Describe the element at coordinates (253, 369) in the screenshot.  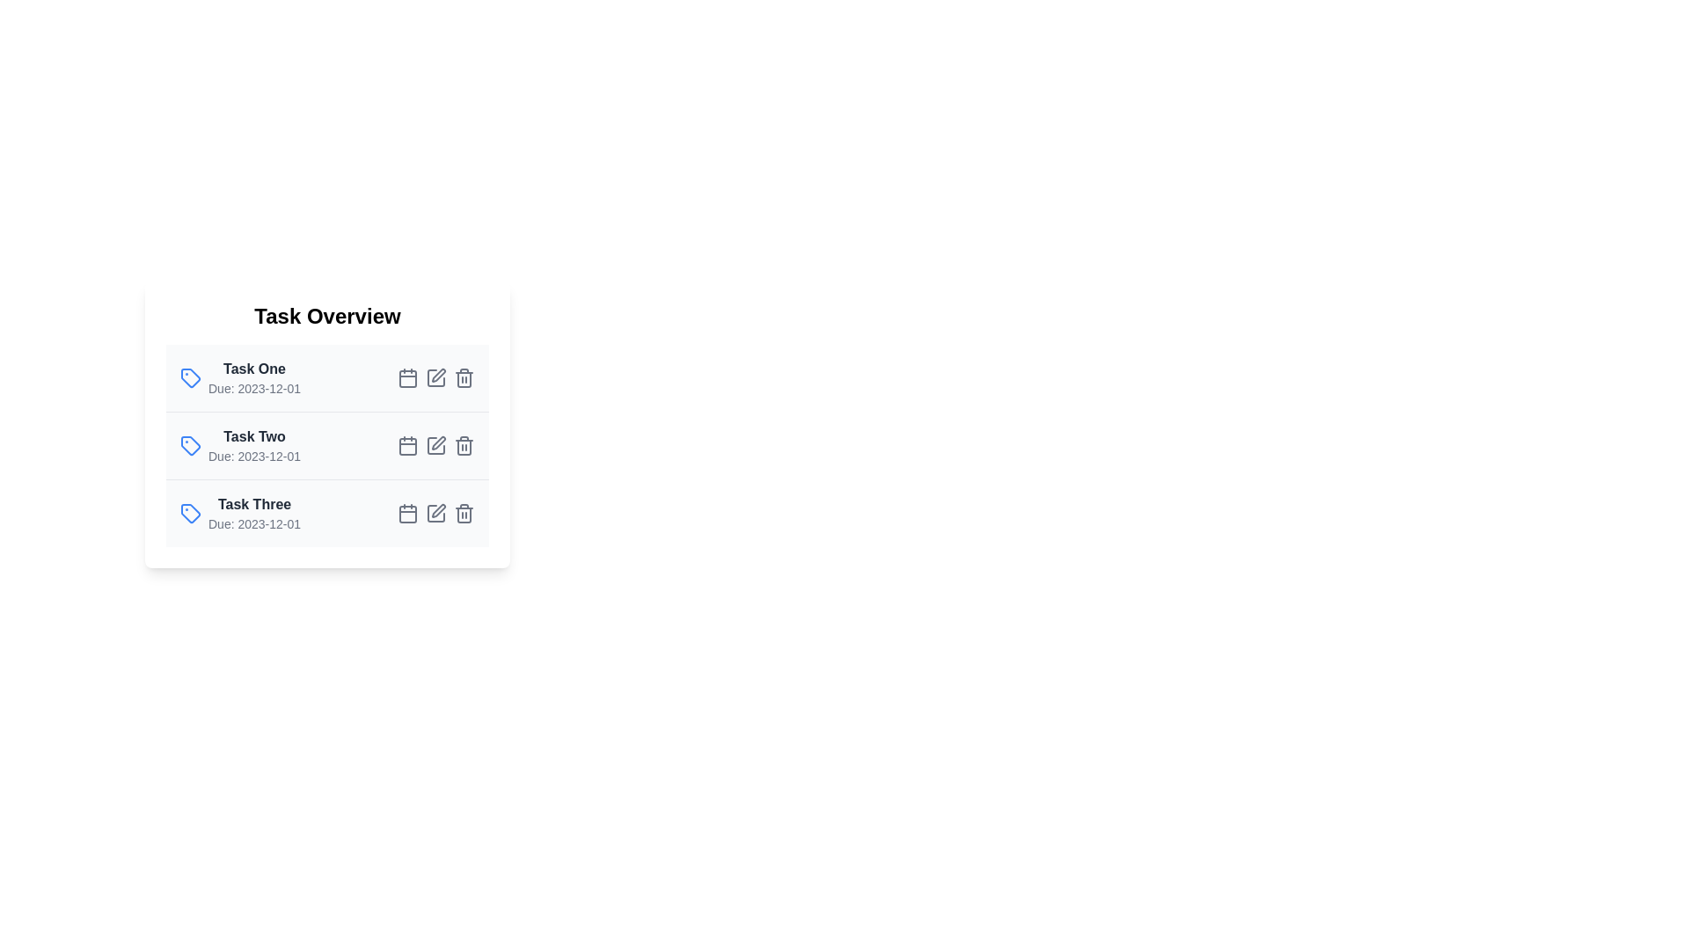
I see `the main label element for the first task in the task list` at that location.